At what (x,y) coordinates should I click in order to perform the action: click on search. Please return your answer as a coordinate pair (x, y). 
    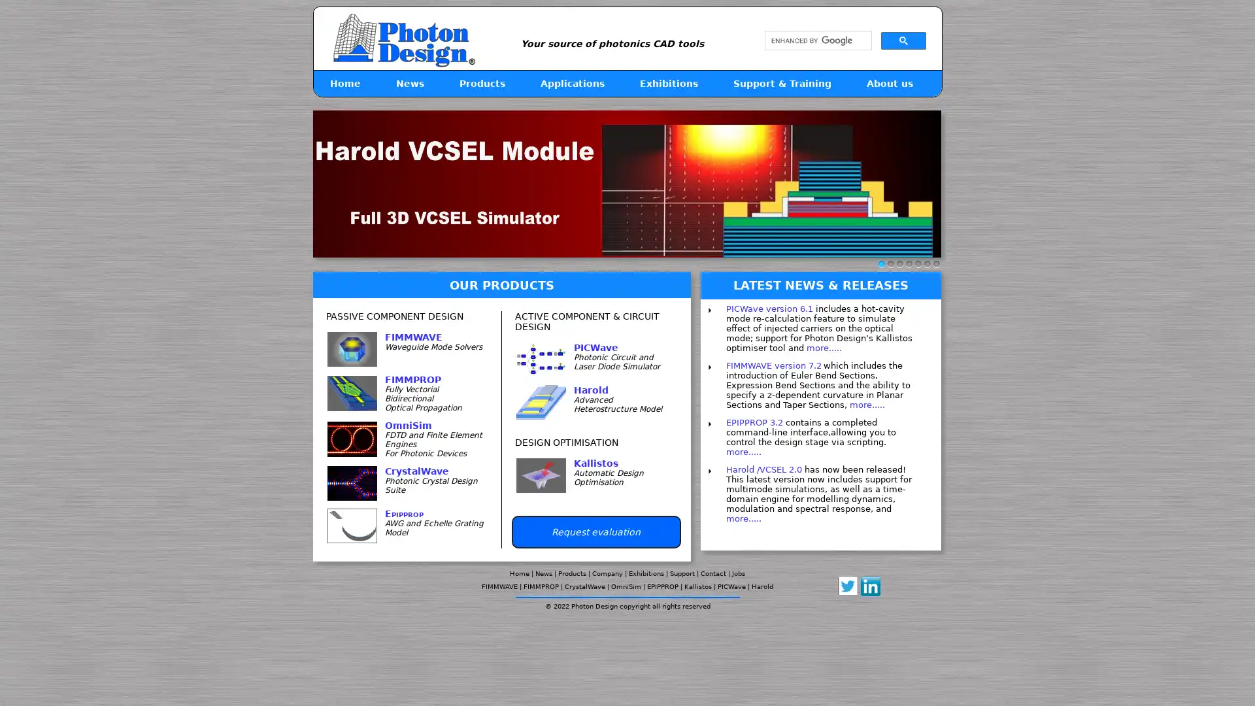
    Looking at the image, I should click on (903, 39).